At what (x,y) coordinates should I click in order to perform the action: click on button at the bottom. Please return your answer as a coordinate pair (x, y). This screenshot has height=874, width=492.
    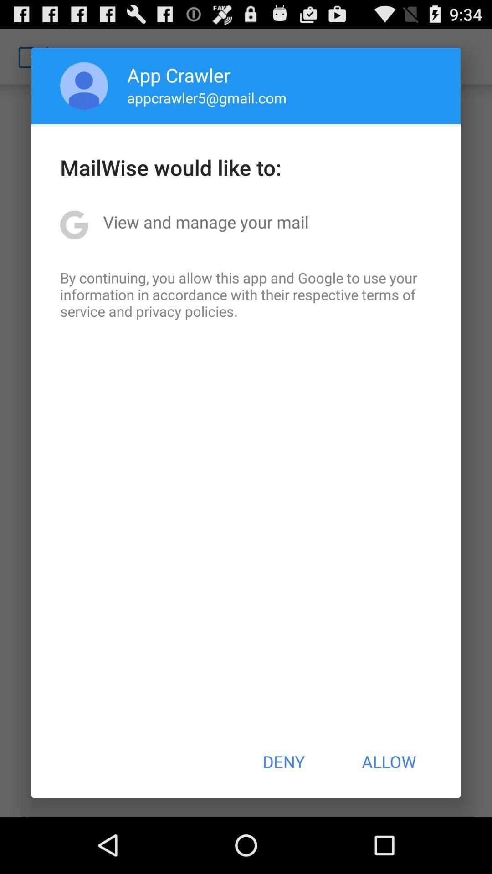
    Looking at the image, I should click on (283, 762).